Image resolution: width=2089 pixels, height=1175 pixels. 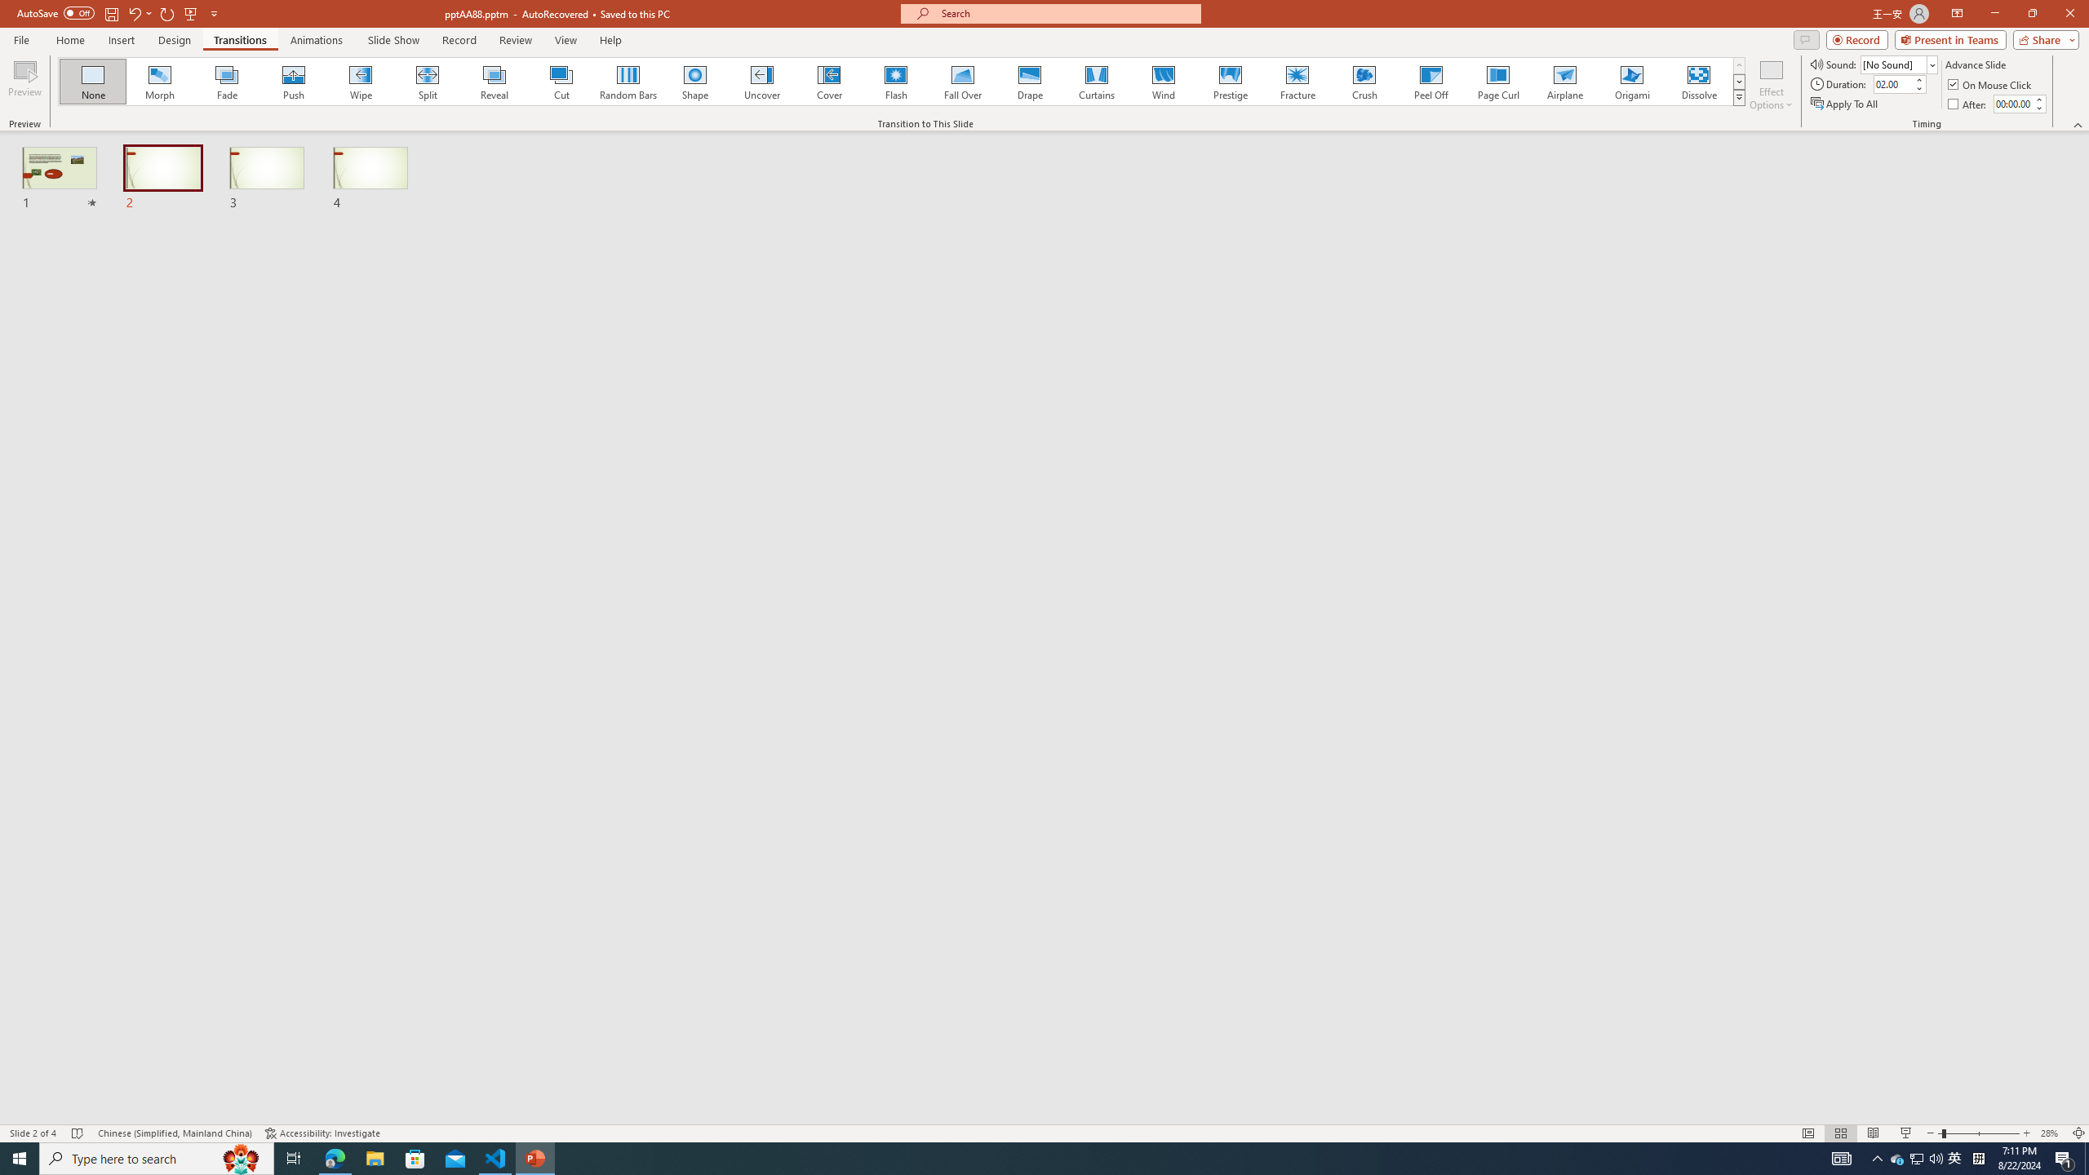 What do you see at coordinates (1497, 81) in the screenshot?
I see `'Page Curl'` at bounding box center [1497, 81].